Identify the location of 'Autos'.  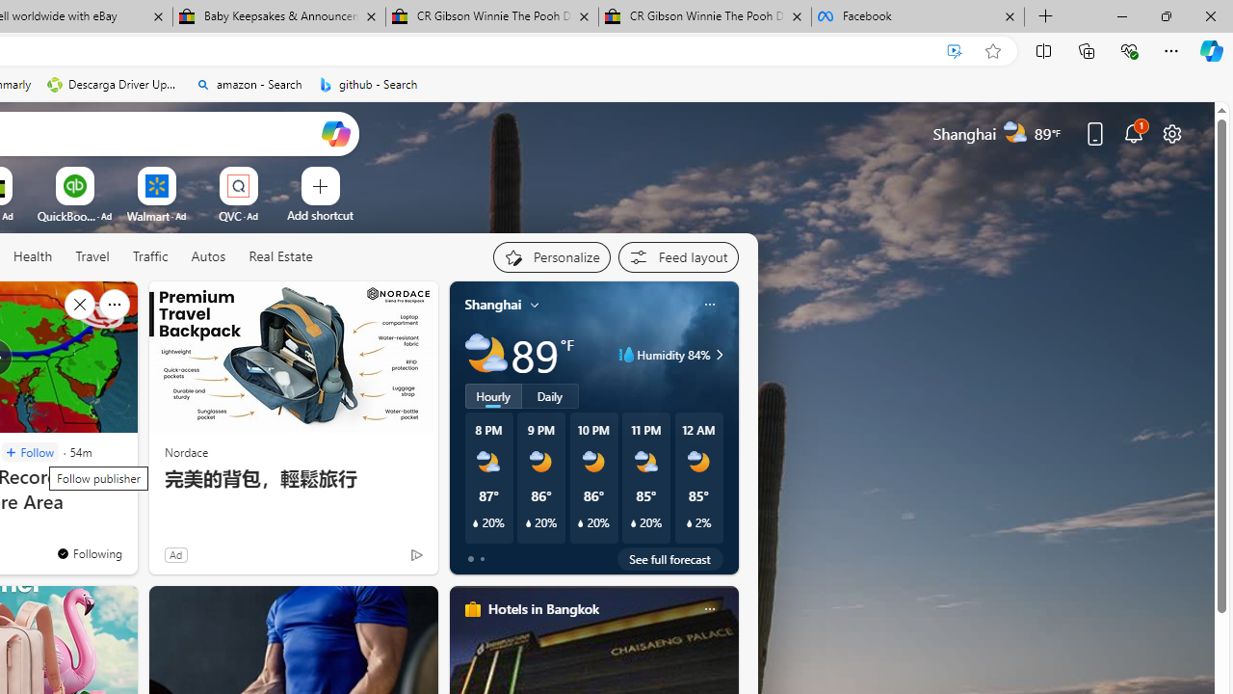
(208, 255).